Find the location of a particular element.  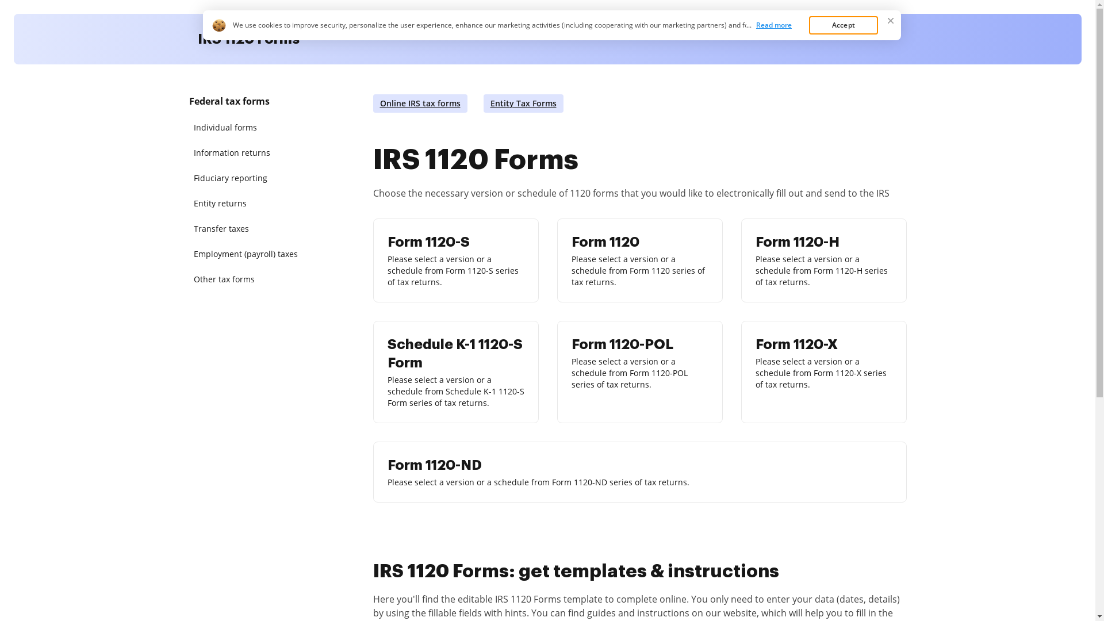

'Entity returns' is located at coordinates (188, 203).